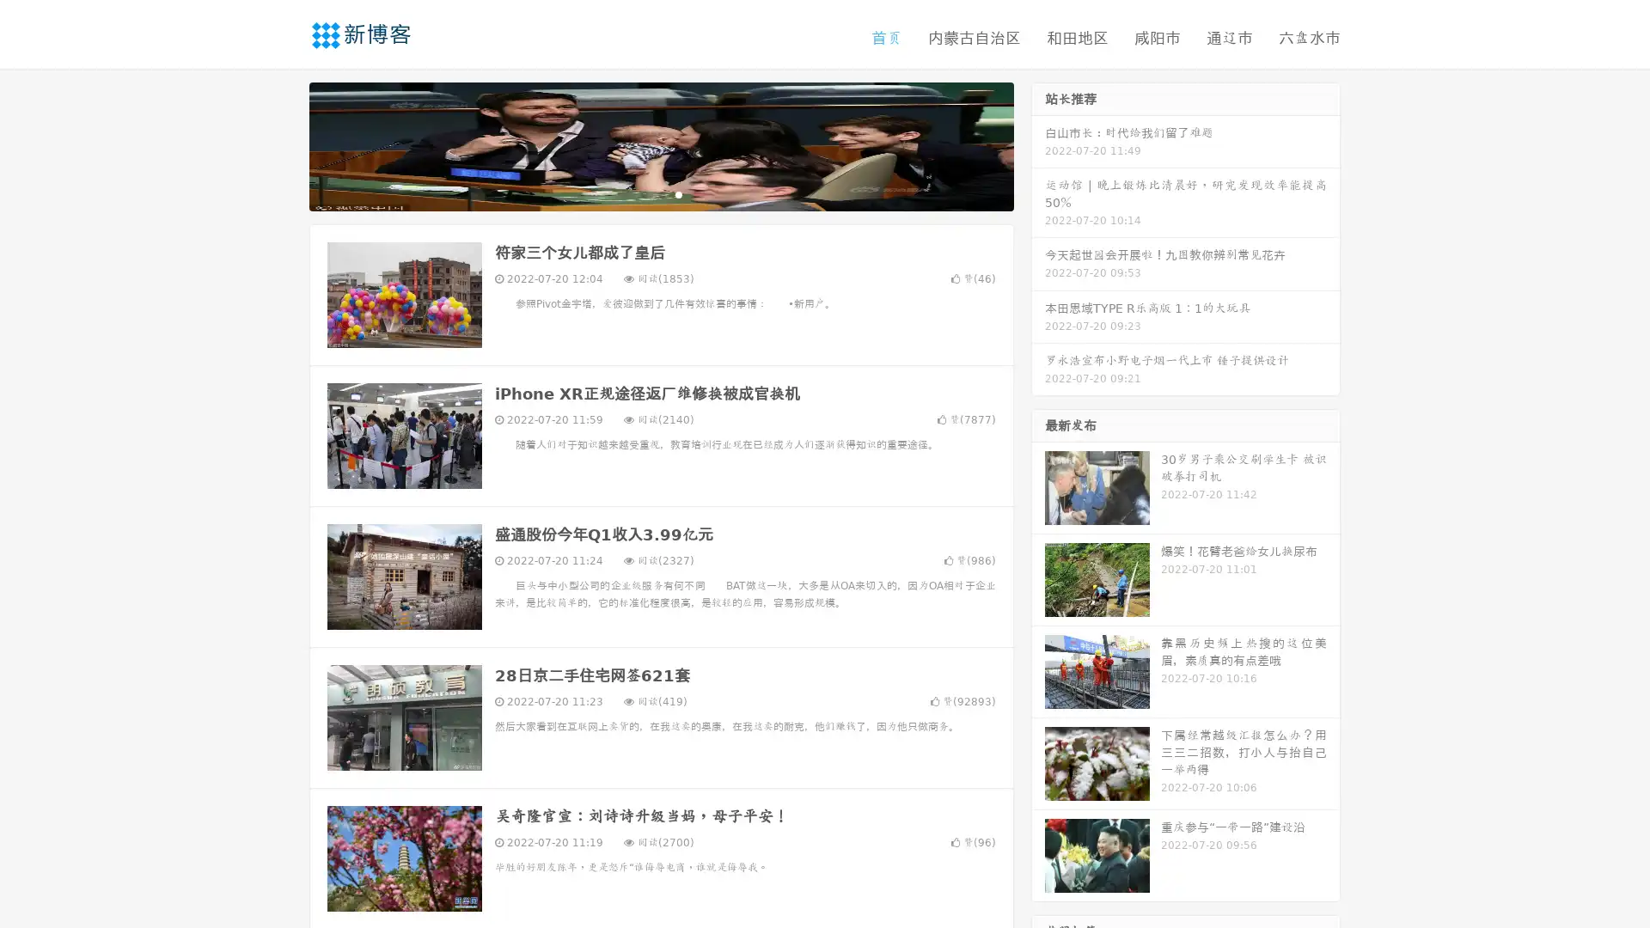 The height and width of the screenshot is (928, 1650). What do you see at coordinates (1038, 144) in the screenshot?
I see `Next slide` at bounding box center [1038, 144].